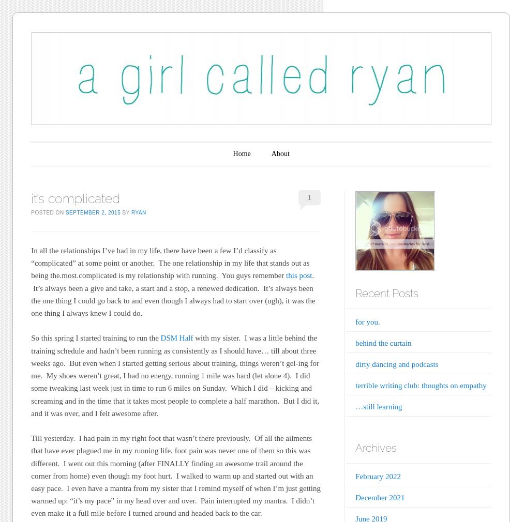 This screenshot has height=522, width=510. What do you see at coordinates (375, 447) in the screenshot?
I see `'Archives'` at bounding box center [375, 447].